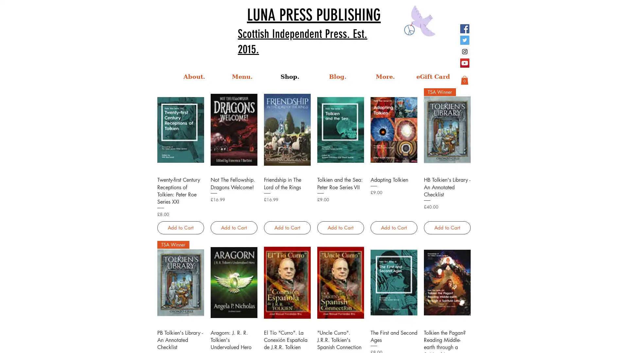 The height and width of the screenshot is (353, 628). I want to click on Quick View, so click(446, 332).